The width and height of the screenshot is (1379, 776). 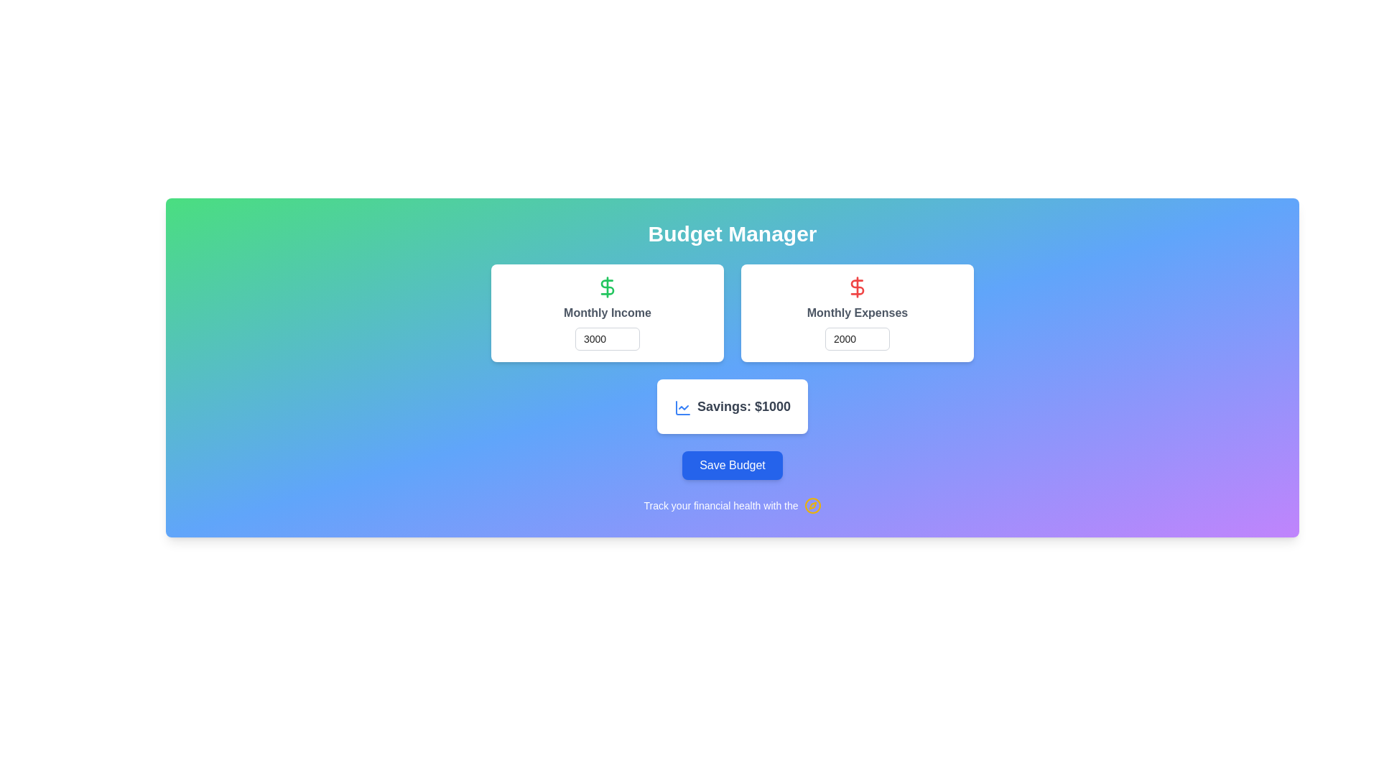 What do you see at coordinates (888, 333) in the screenshot?
I see `the button that increases the value in the associated input field located above the decrement button in the 'Monthly Expenses' input box's number adjustment section` at bounding box center [888, 333].